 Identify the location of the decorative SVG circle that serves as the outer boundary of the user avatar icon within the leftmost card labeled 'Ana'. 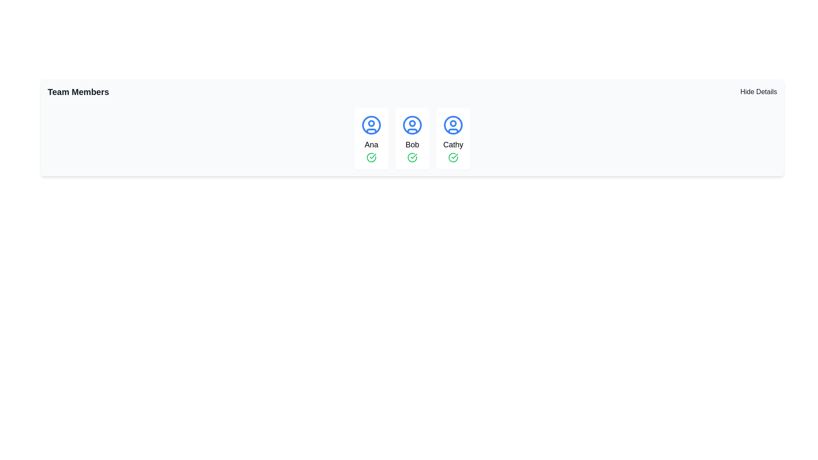
(372, 125).